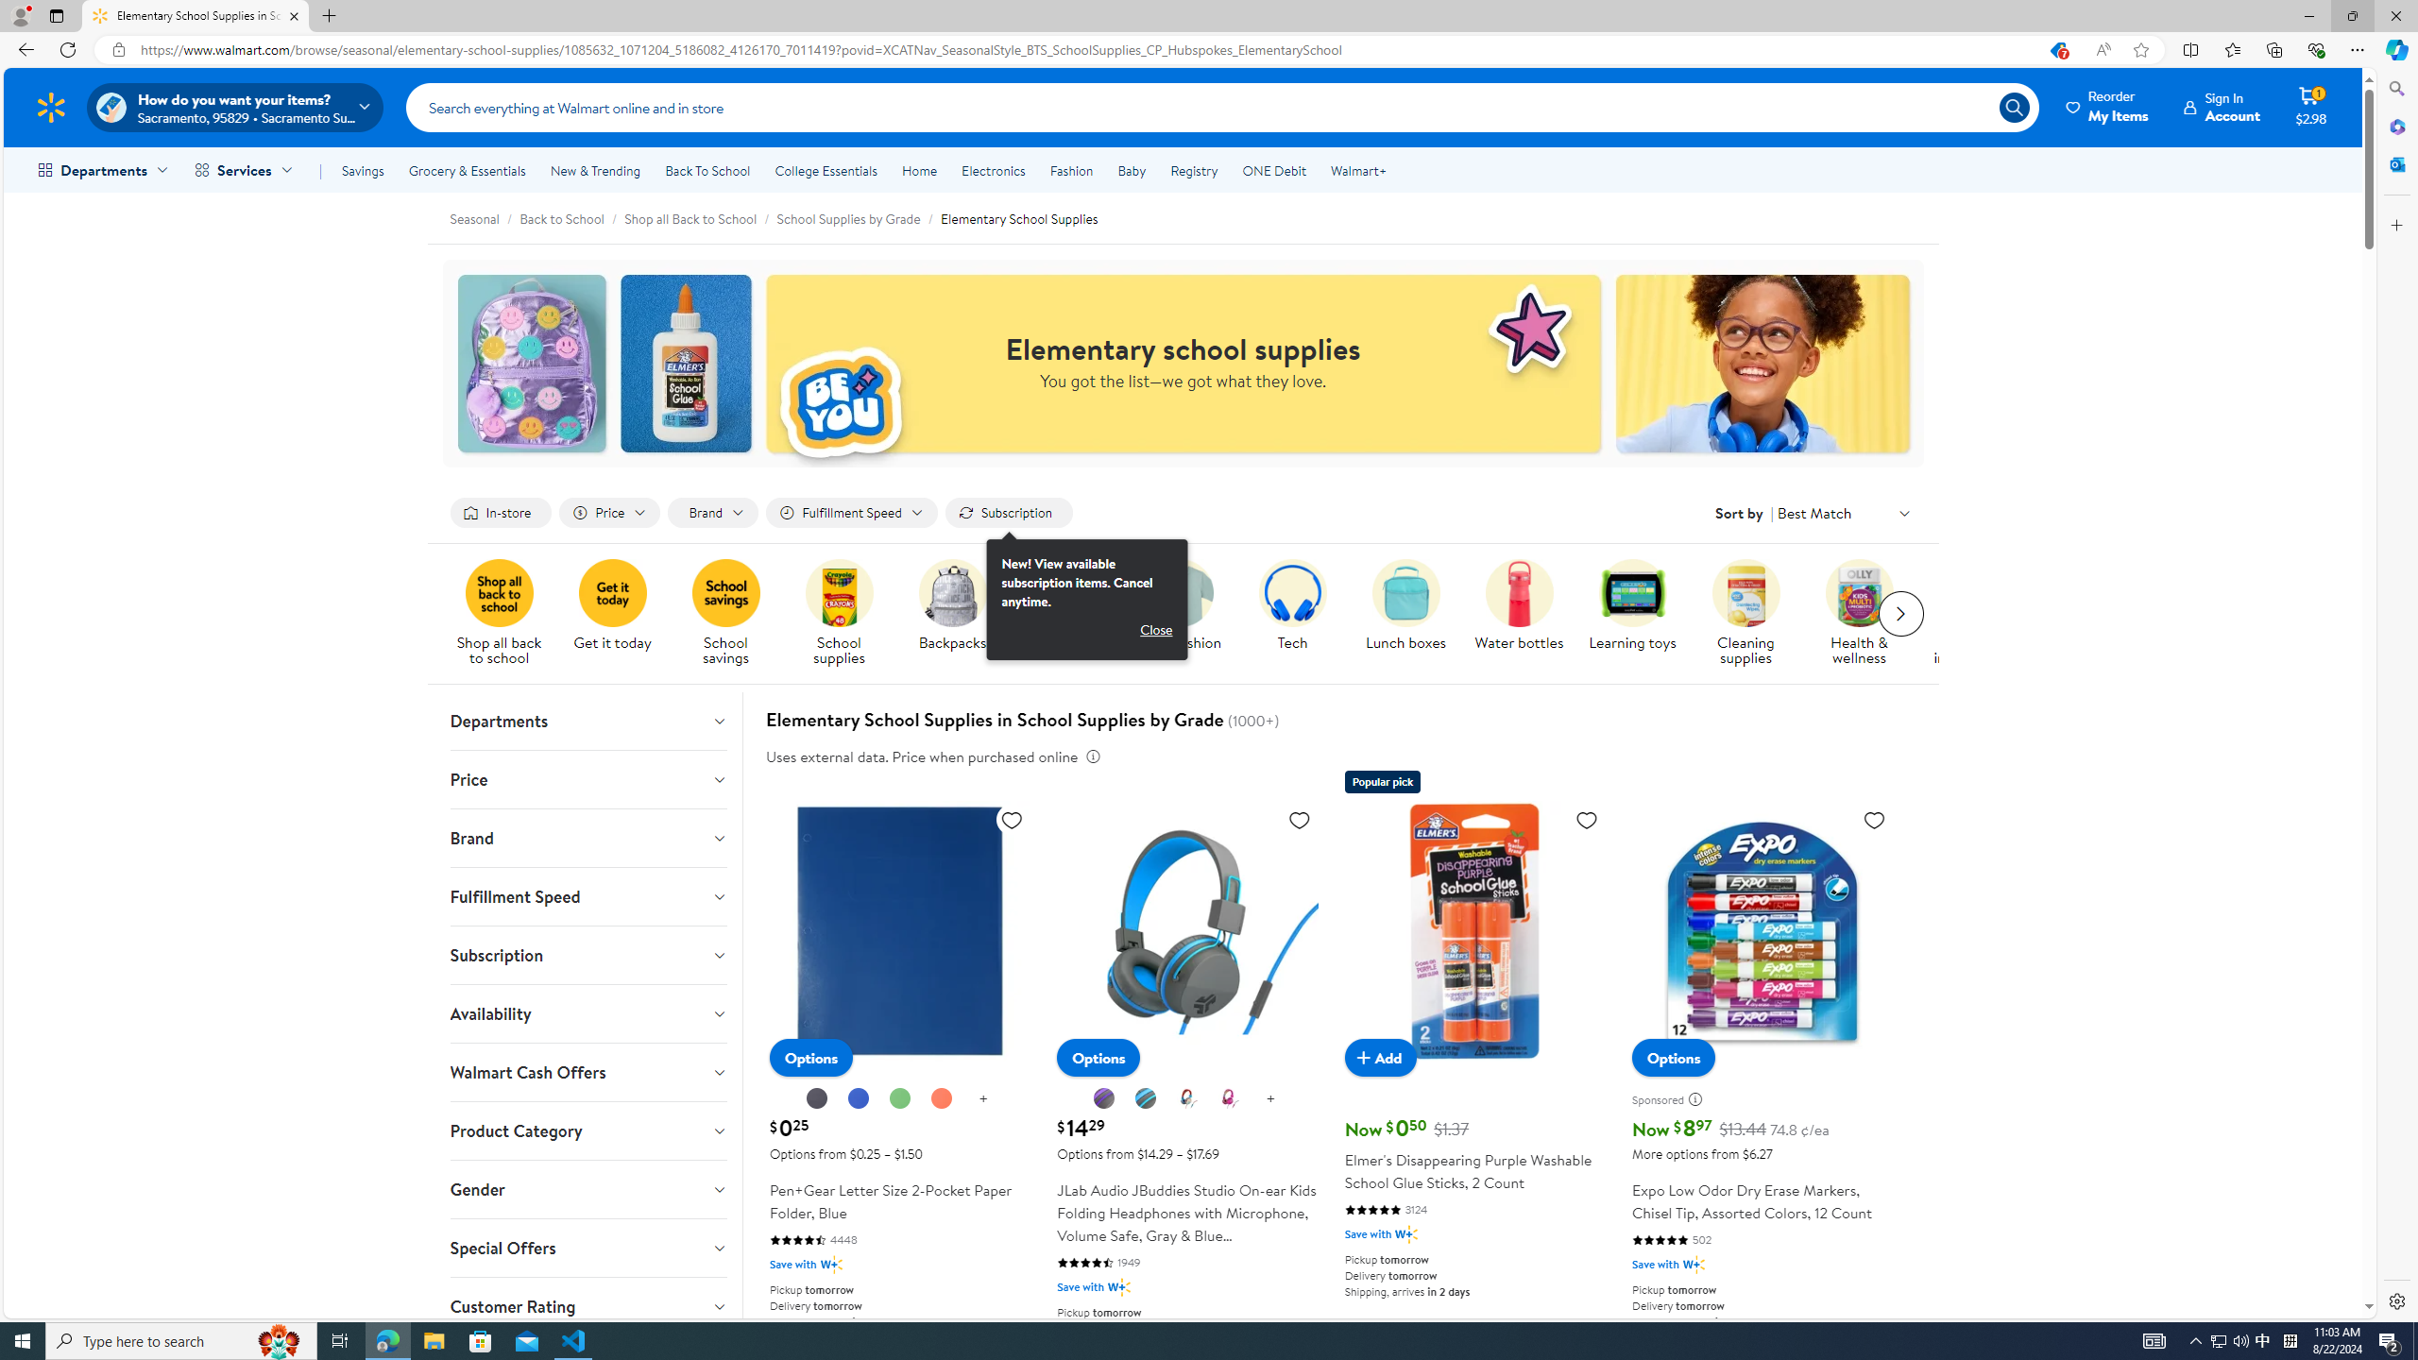 This screenshot has width=2418, height=1360. What do you see at coordinates (1073, 614) in the screenshot?
I see `'Girls'` at bounding box center [1073, 614].